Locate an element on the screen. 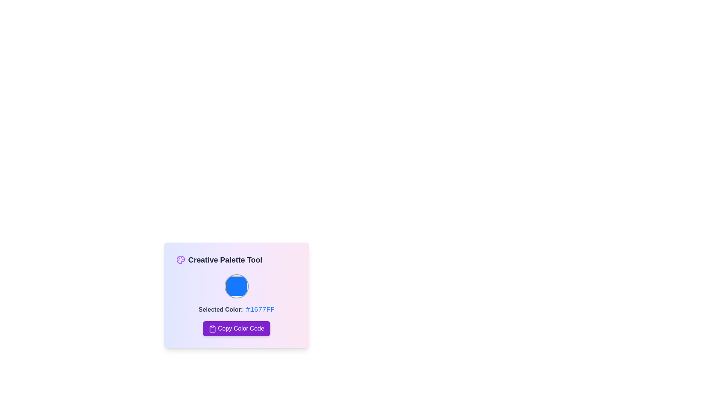 Image resolution: width=725 pixels, height=408 pixels. the copy color code button located below the text 'Selected Color: #1677FF' by moving the keyboard focus to it is located at coordinates (236, 328).